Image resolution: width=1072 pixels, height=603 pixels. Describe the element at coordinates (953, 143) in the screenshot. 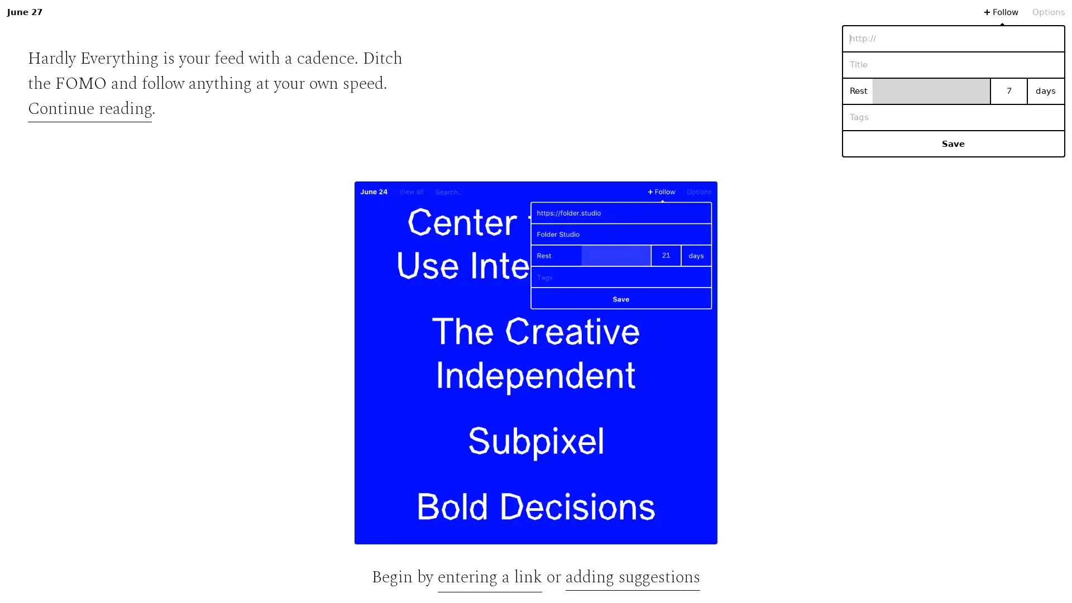

I see `Save` at that location.